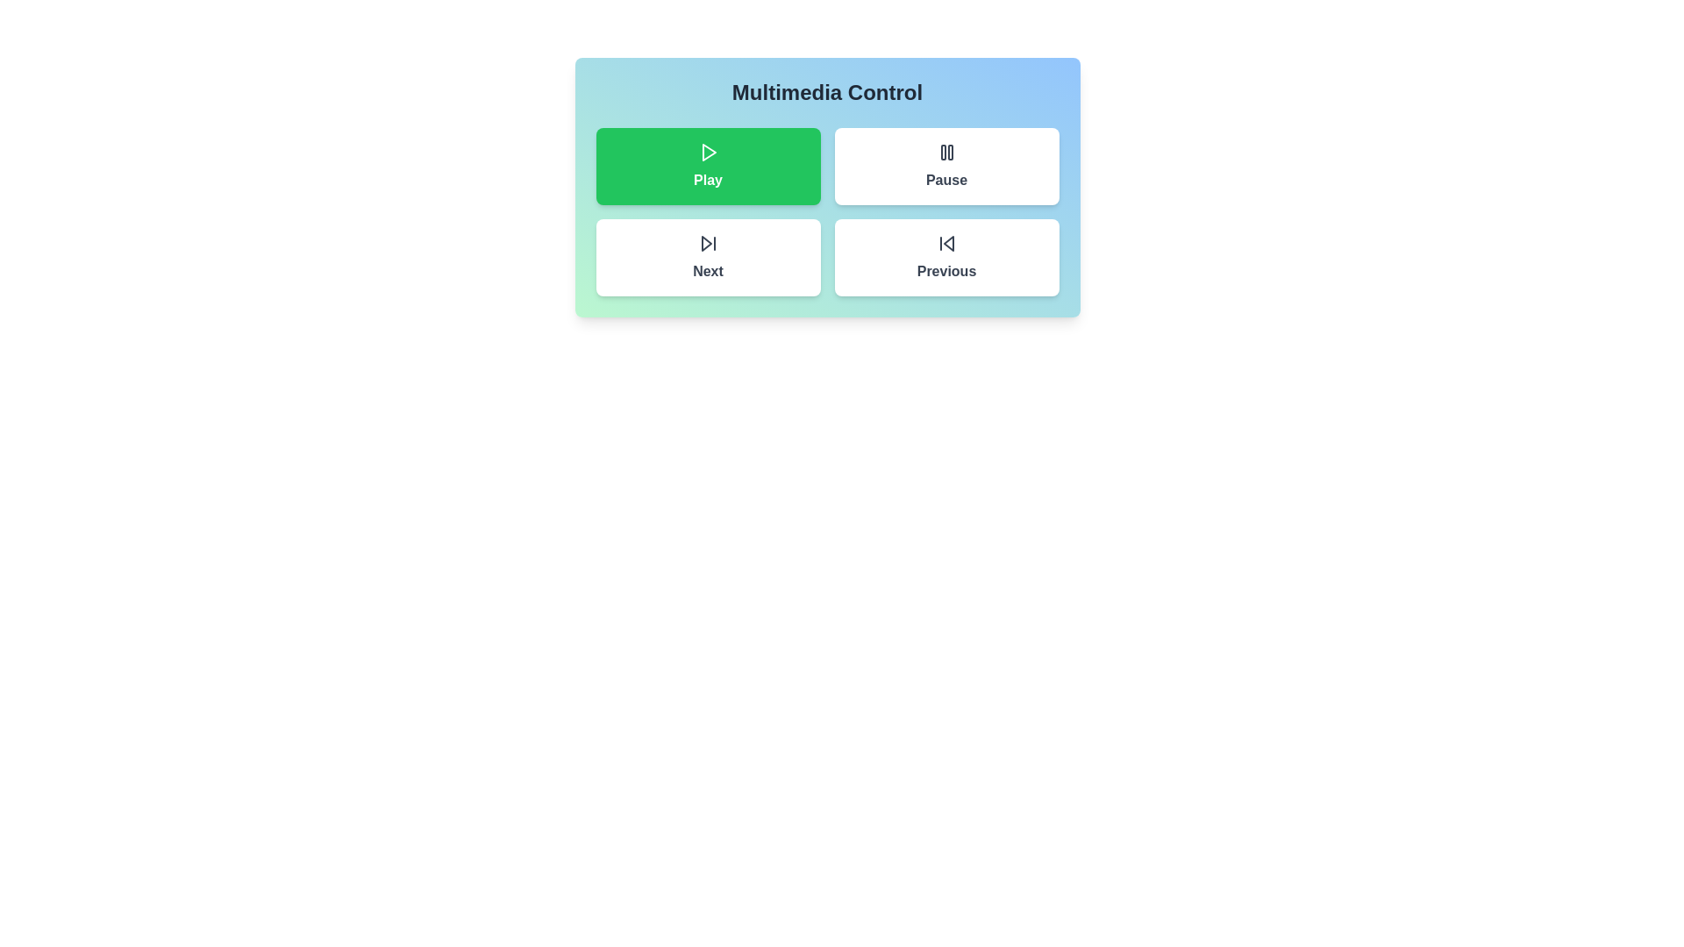 This screenshot has height=947, width=1684. What do you see at coordinates (945, 166) in the screenshot?
I see `the Pause button to activate it` at bounding box center [945, 166].